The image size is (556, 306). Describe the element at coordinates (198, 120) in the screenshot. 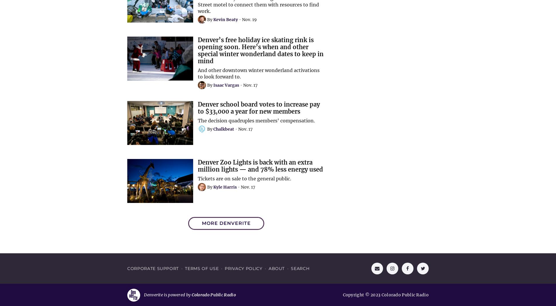

I see `'The decision quadruples members' compensation.'` at that location.